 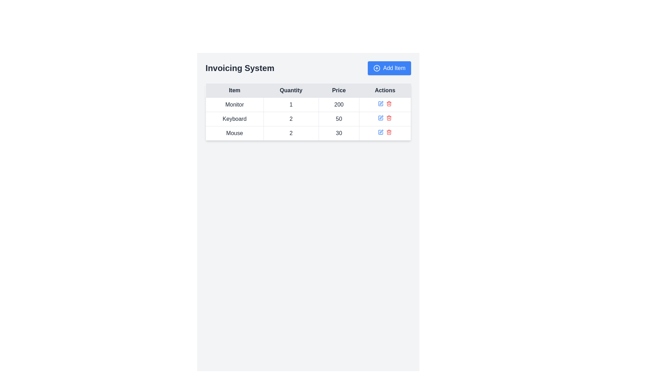 What do you see at coordinates (308, 119) in the screenshot?
I see `the table row displaying the item 'Keyboard', with quantity '2' and price '50', located in the middle of the table` at bounding box center [308, 119].